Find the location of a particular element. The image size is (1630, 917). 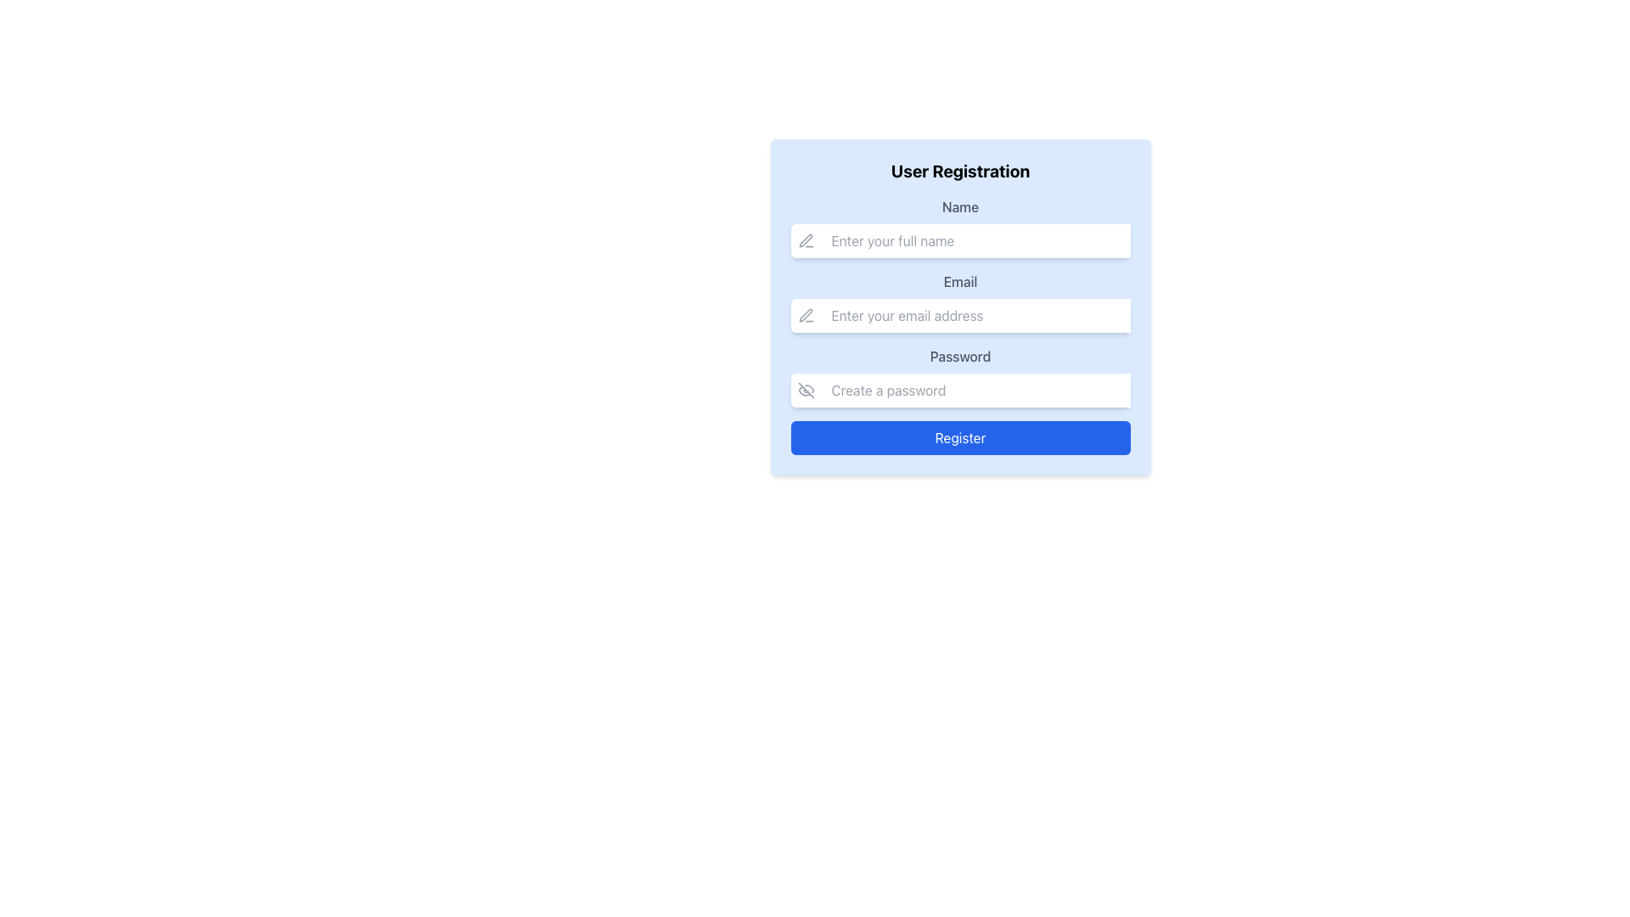

the eye icon embedded in the button next to the password input field is located at coordinates (805, 390).